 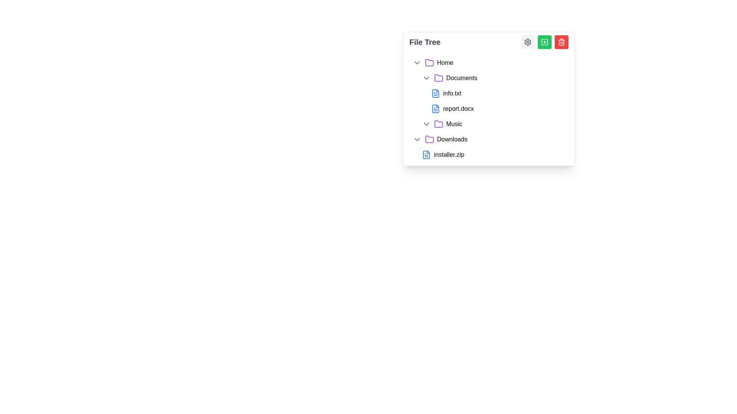 What do you see at coordinates (438, 123) in the screenshot?
I see `the folder icon with a purple outline representing the 'Music' directory in the file tree UI` at bounding box center [438, 123].